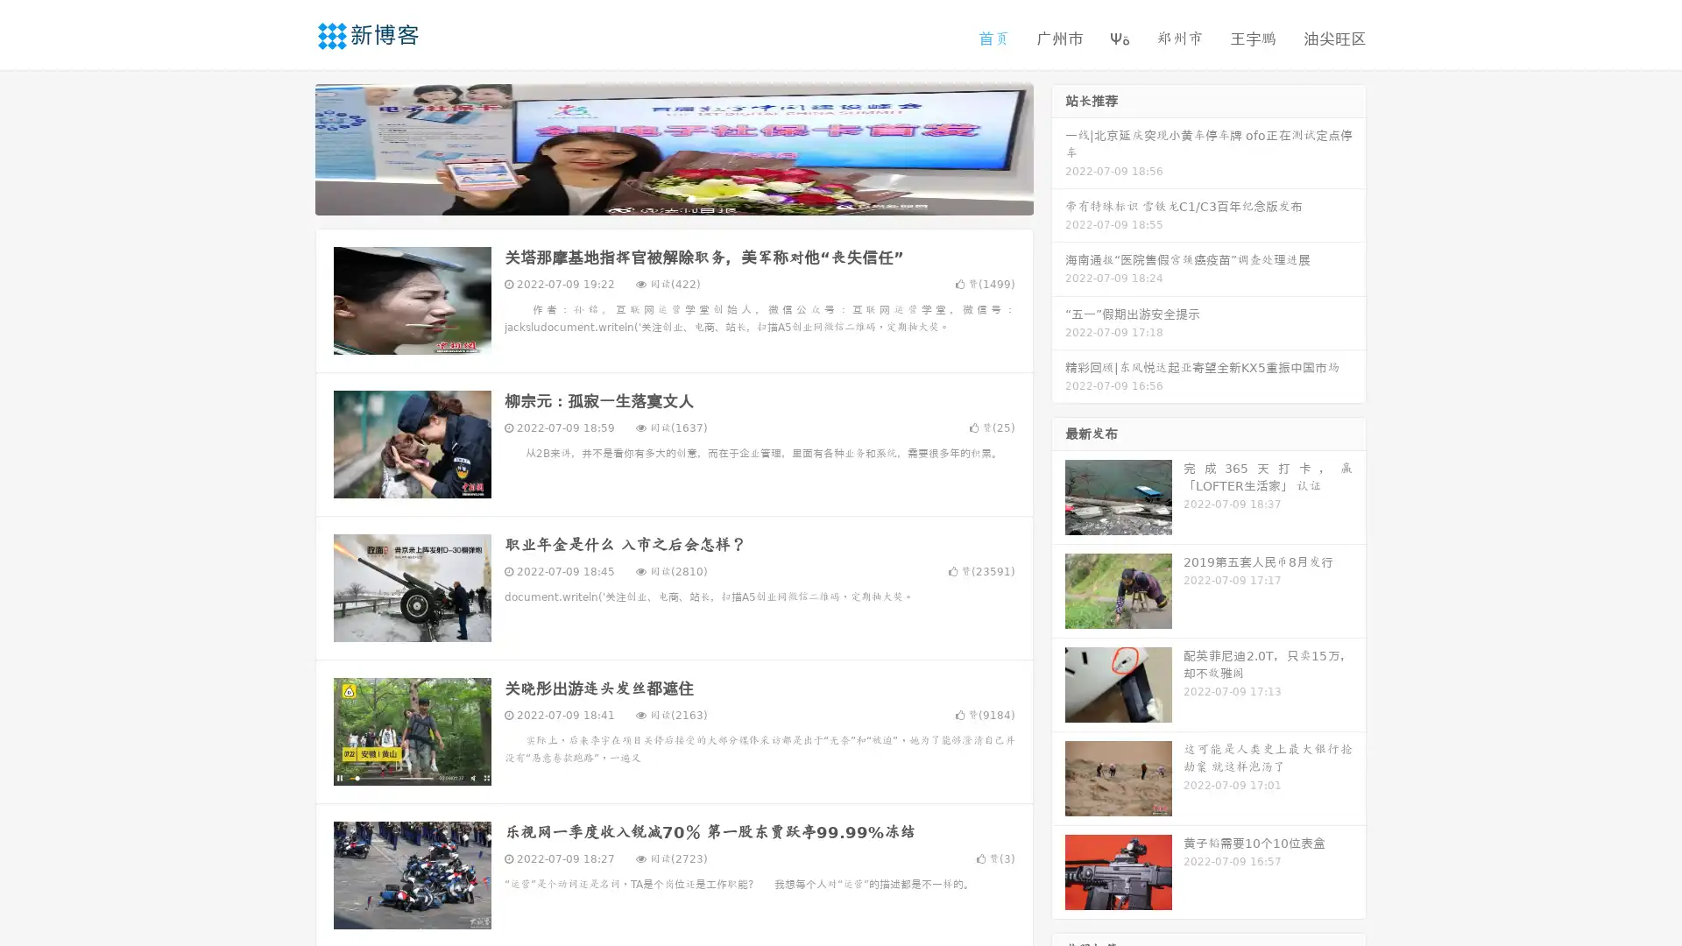 The image size is (1682, 946). I want to click on Go to slide 3, so click(691, 197).